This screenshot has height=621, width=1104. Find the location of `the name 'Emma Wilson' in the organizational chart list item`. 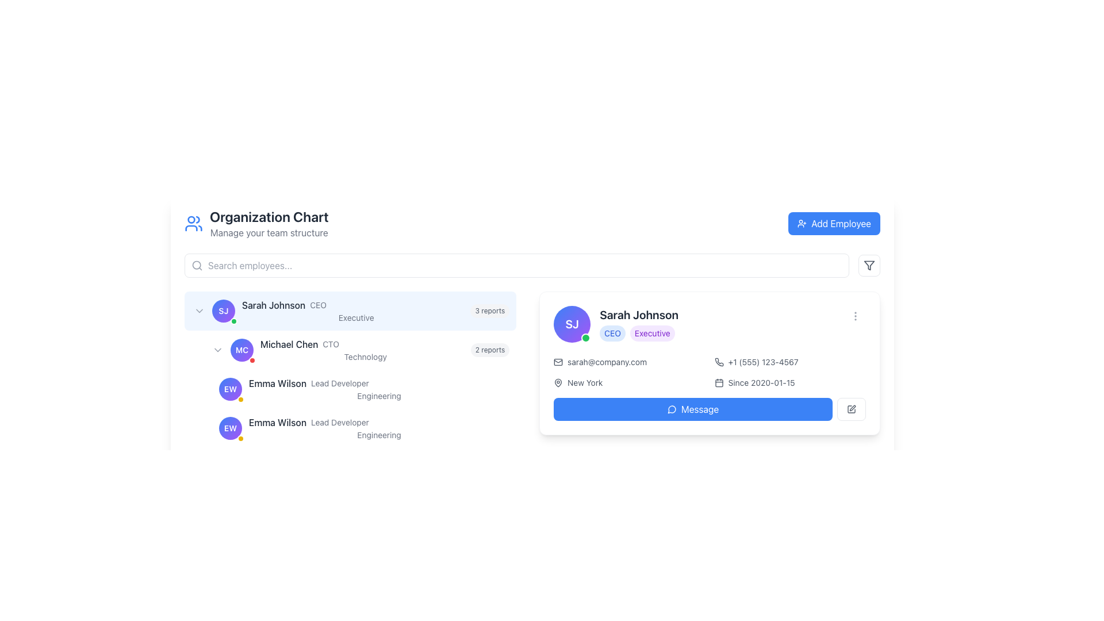

the name 'Emma Wilson' in the organizational chart list item is located at coordinates (350, 389).